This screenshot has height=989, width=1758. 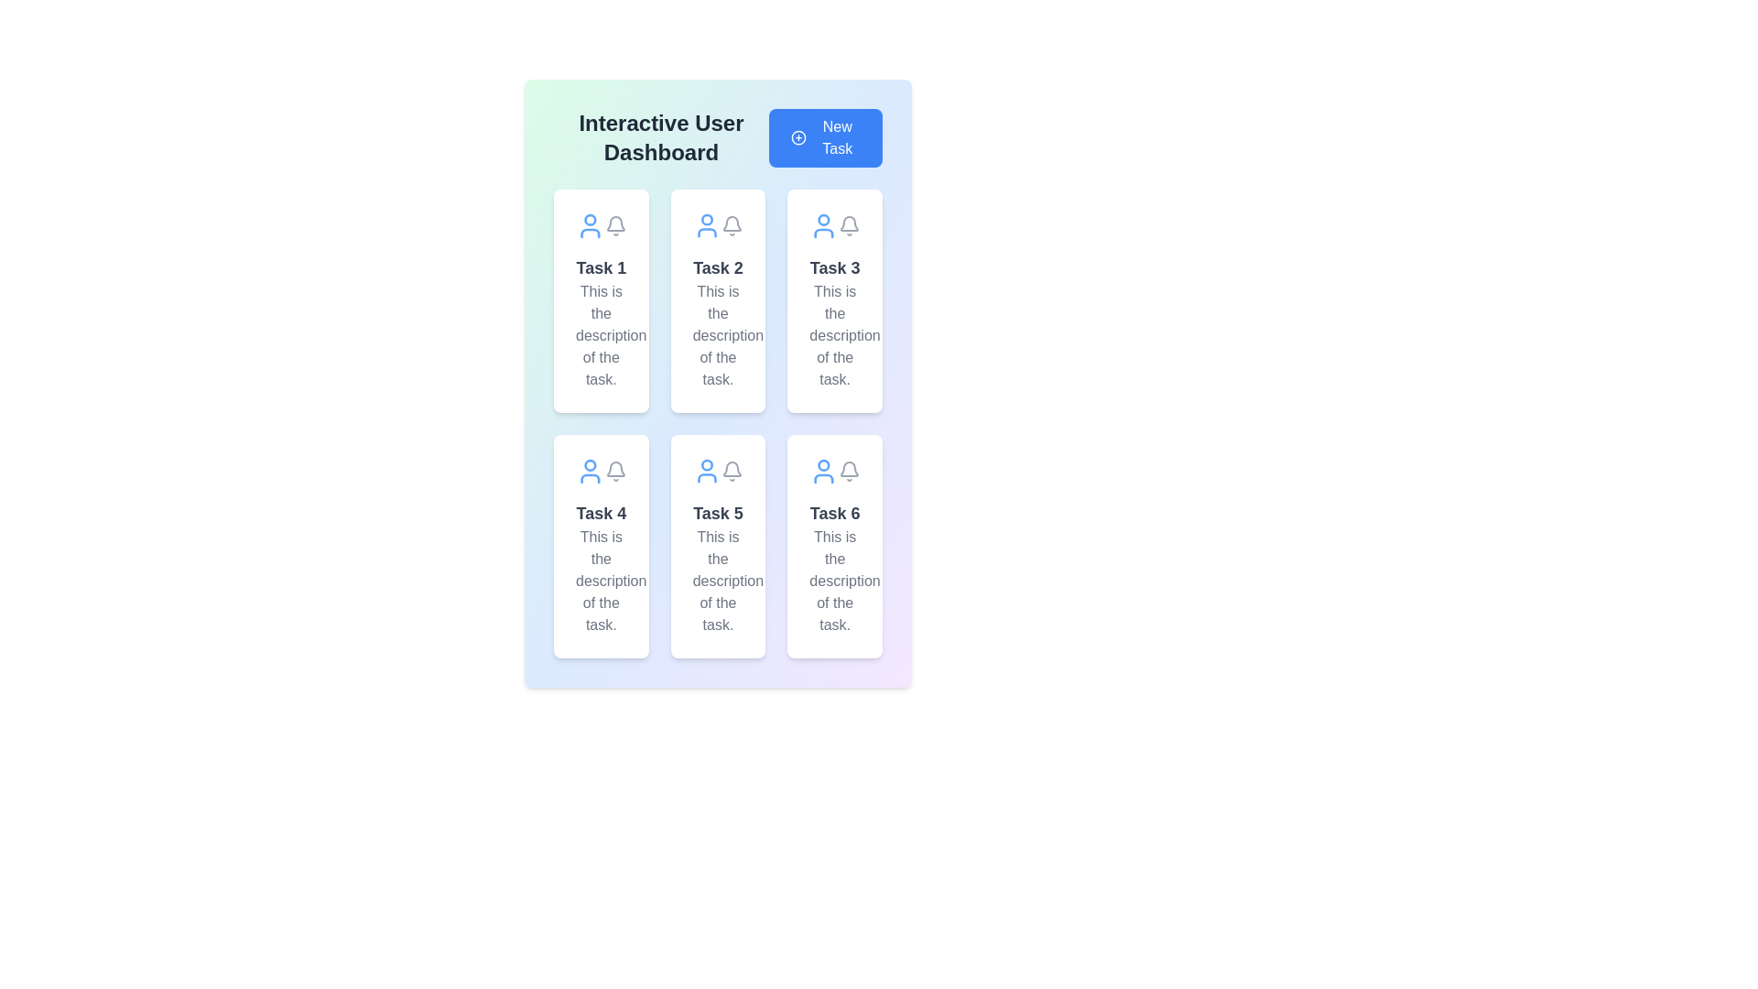 I want to click on the header text label displaying 'Task 6' located in the bottom-right card of the 2x3 grid layout, so click(x=834, y=513).